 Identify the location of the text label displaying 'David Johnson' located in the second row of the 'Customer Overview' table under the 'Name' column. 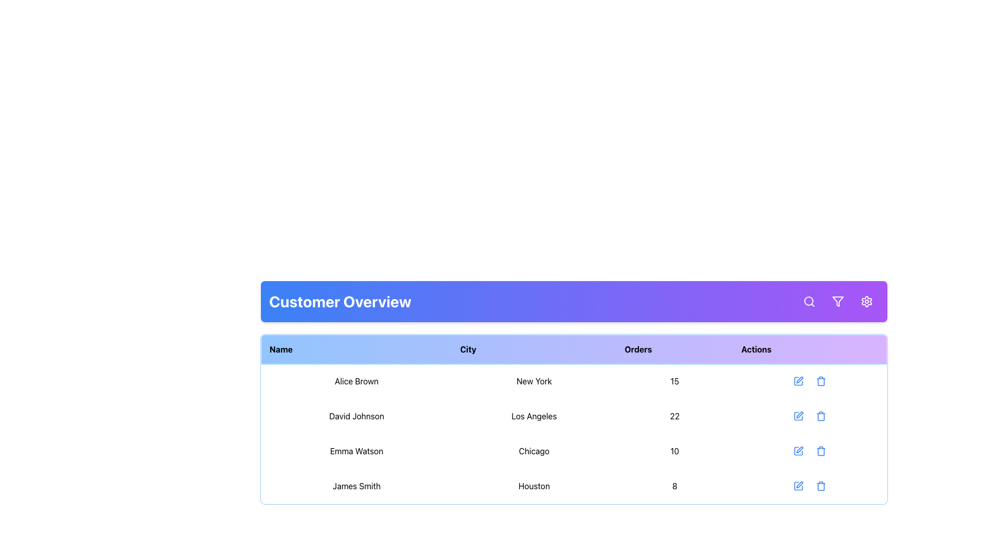
(356, 416).